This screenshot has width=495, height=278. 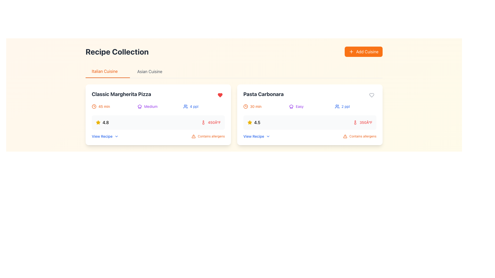 I want to click on the text label displaying the number of people in a group, which is located adjacent to an icon resembling two people in the top-right portion of the card interface, so click(x=345, y=106).